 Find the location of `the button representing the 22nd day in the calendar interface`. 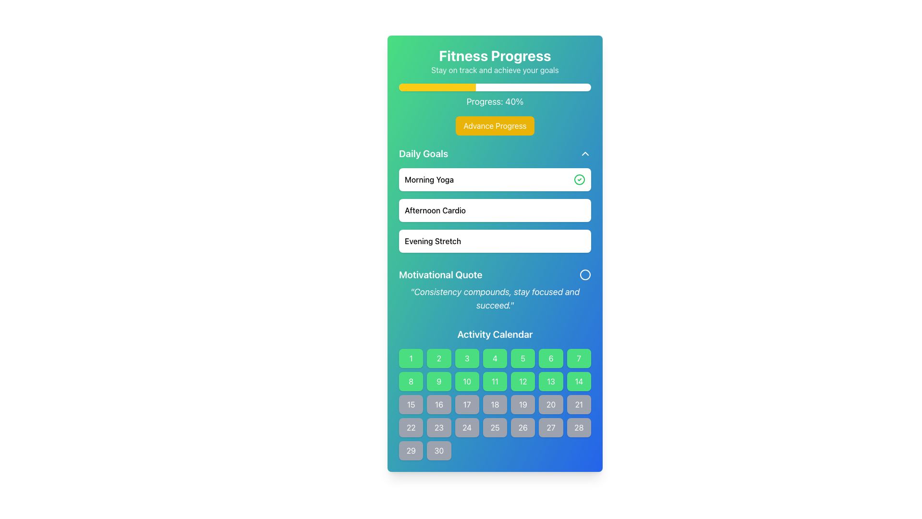

the button representing the 22nd day in the calendar interface is located at coordinates (411, 427).